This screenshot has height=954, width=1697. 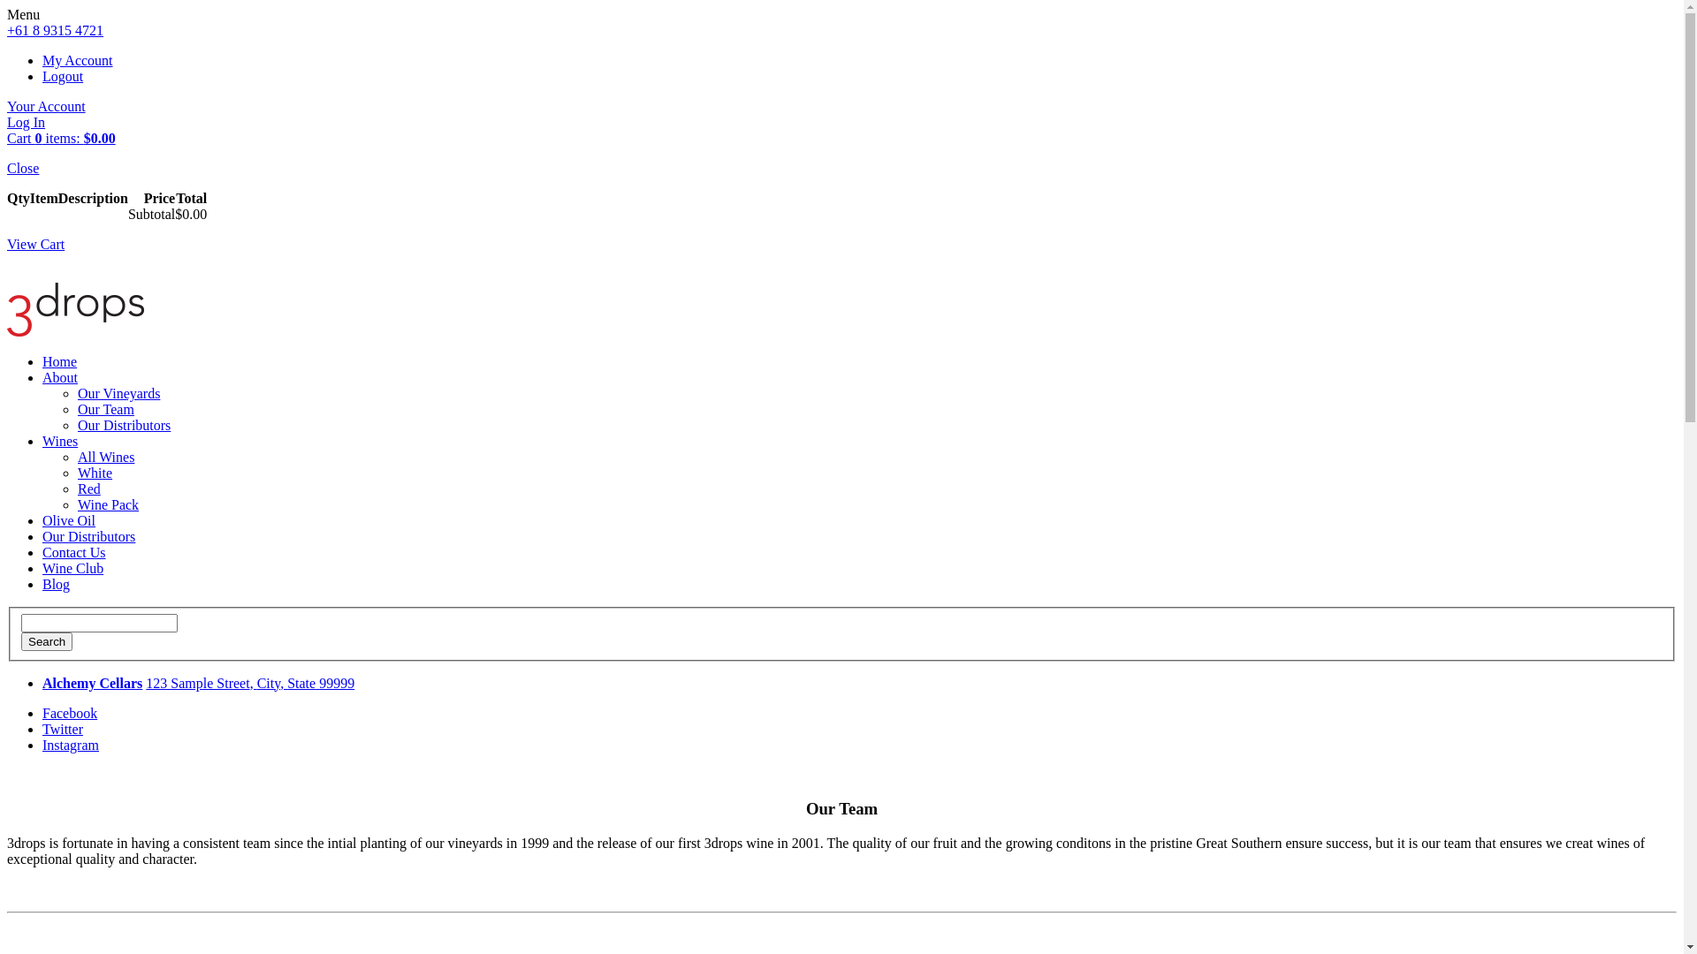 I want to click on 'Contact Us', so click(x=42, y=551).